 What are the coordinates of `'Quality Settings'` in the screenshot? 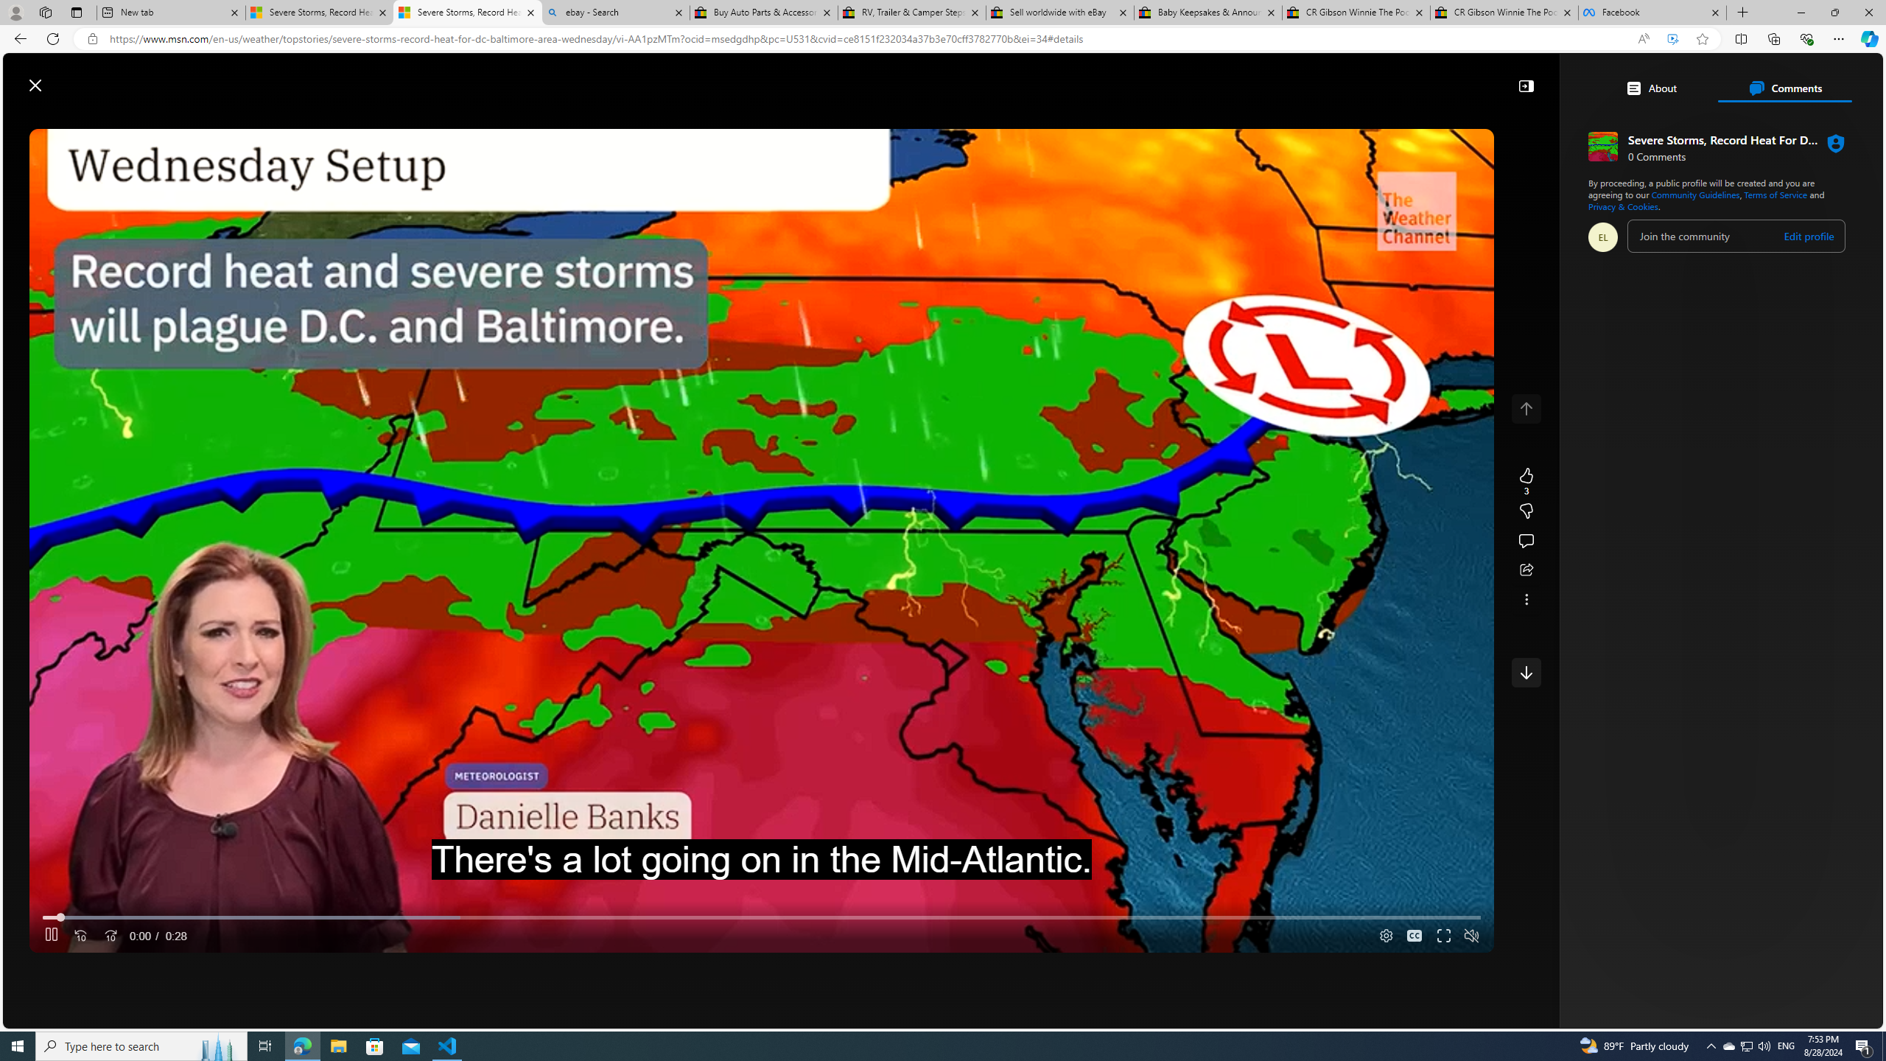 It's located at (1384, 936).